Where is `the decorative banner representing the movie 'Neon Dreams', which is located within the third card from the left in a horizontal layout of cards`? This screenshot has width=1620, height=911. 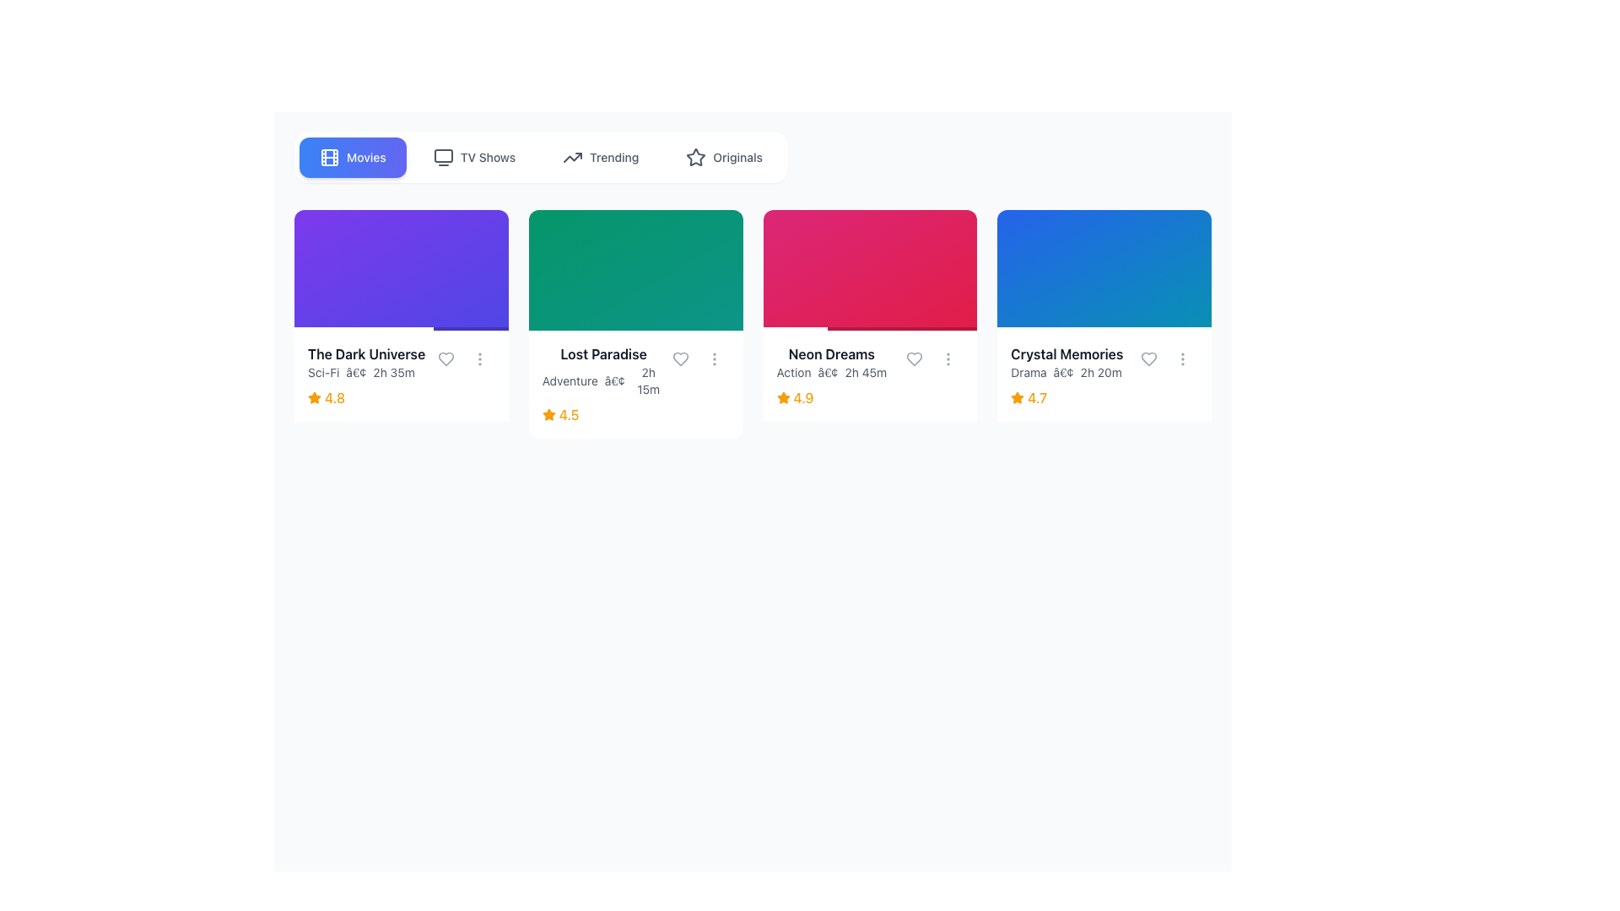
the decorative banner representing the movie 'Neon Dreams', which is located within the third card from the left in a horizontal layout of cards is located at coordinates (870, 269).